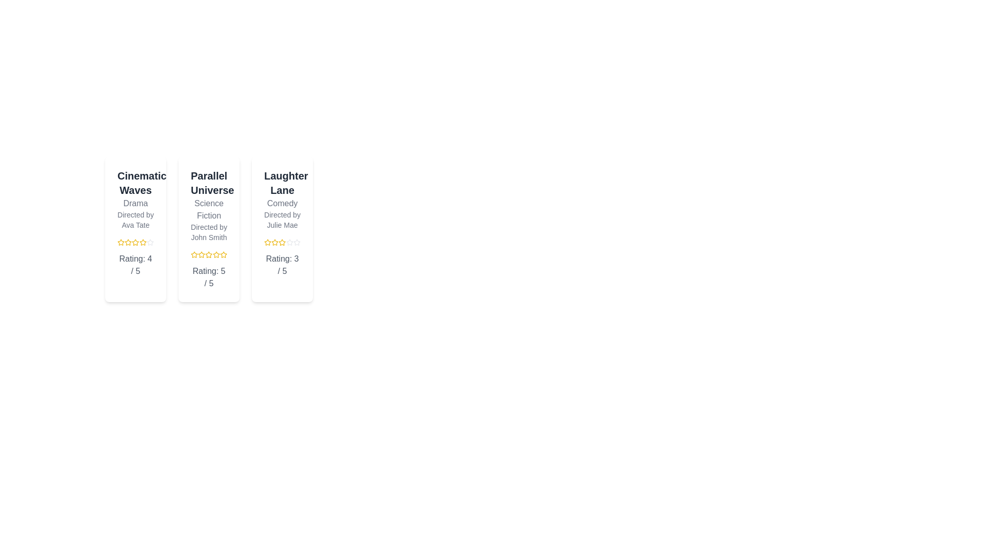  What do you see at coordinates (127, 243) in the screenshot?
I see `the rating of a film to 2 stars by clicking on the corresponding star` at bounding box center [127, 243].